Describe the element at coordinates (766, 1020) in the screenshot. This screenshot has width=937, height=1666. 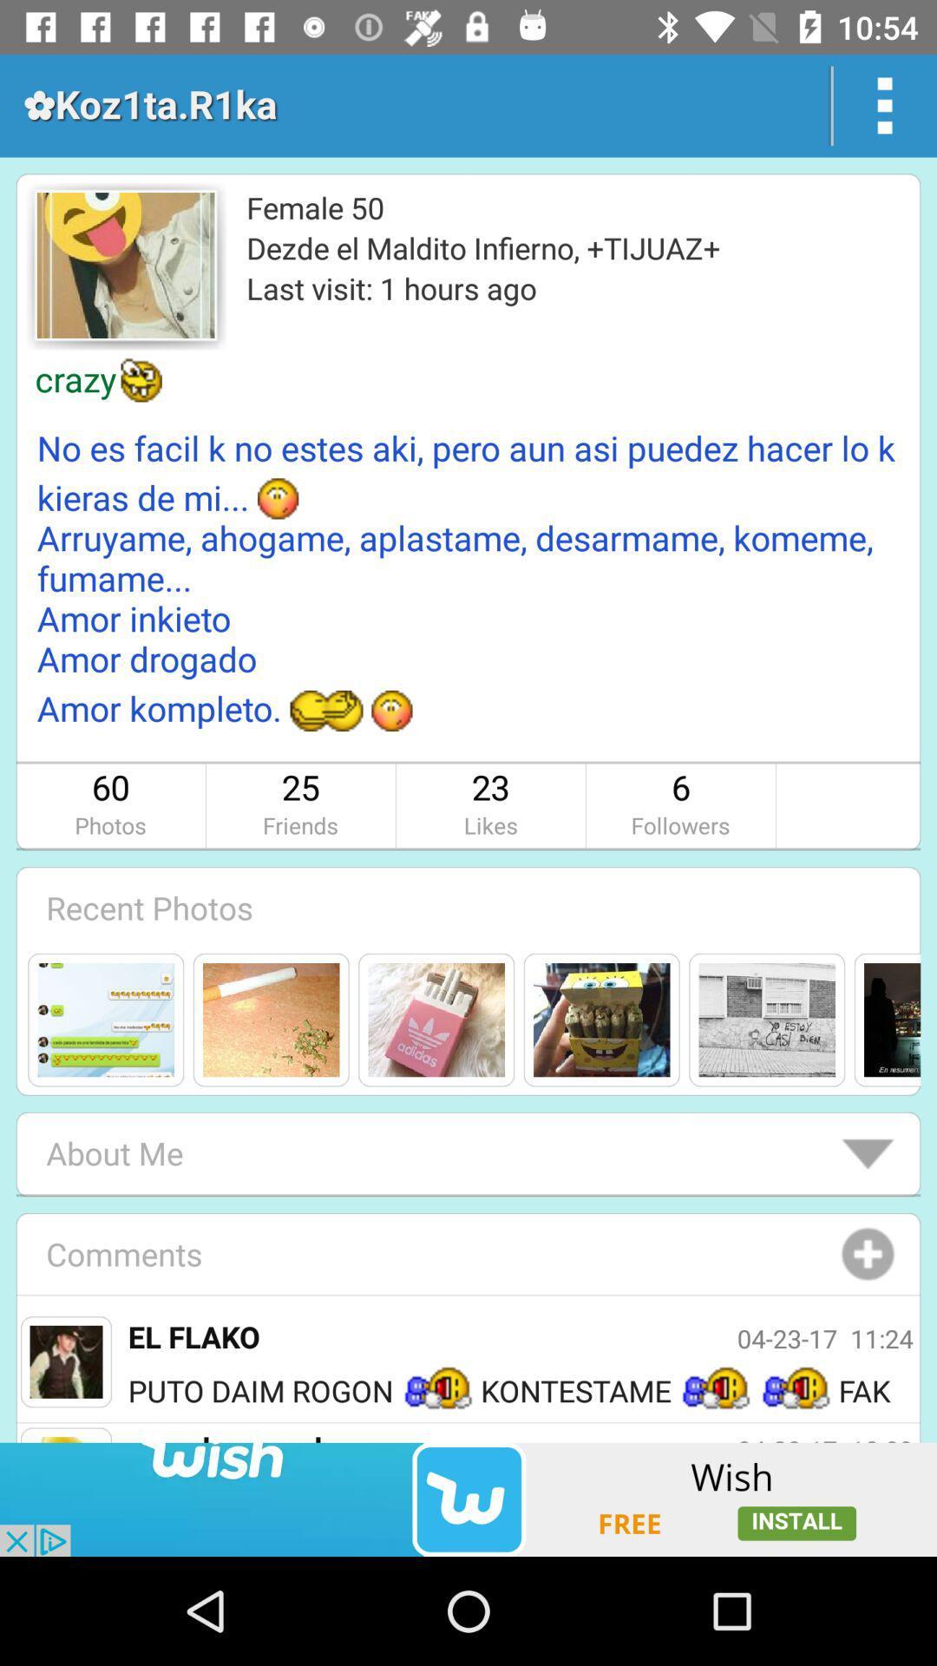
I see `the fifth image below the recent photos` at that location.